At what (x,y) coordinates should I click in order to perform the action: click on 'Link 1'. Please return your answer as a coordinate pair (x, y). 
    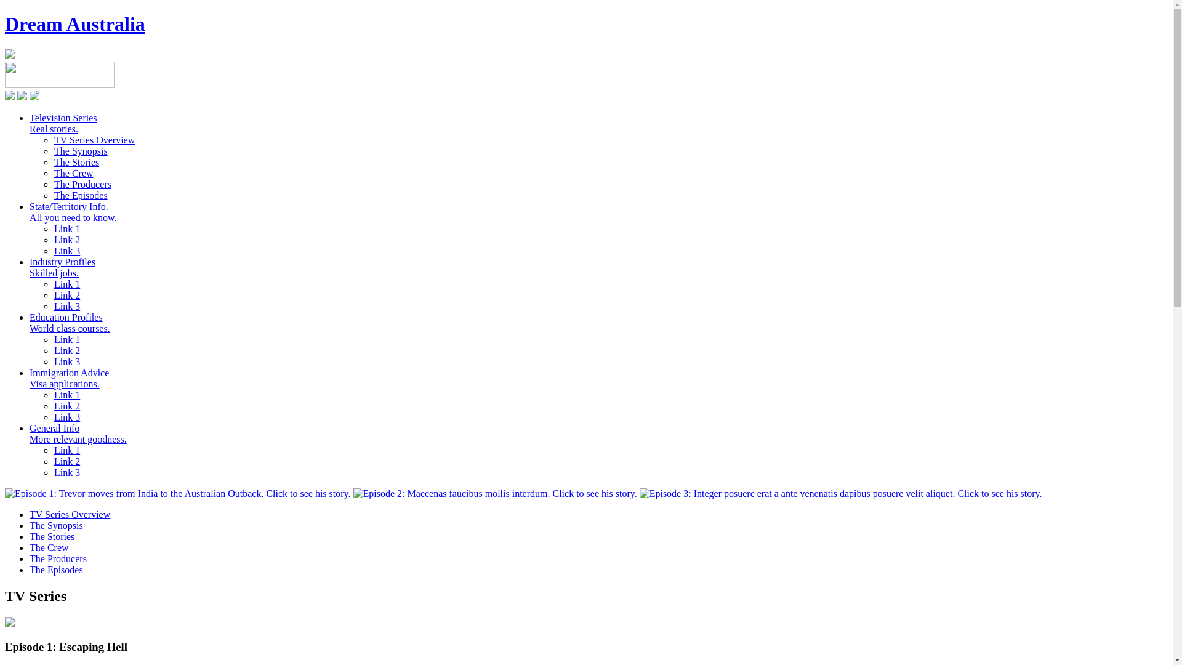
    Looking at the image, I should click on (66, 284).